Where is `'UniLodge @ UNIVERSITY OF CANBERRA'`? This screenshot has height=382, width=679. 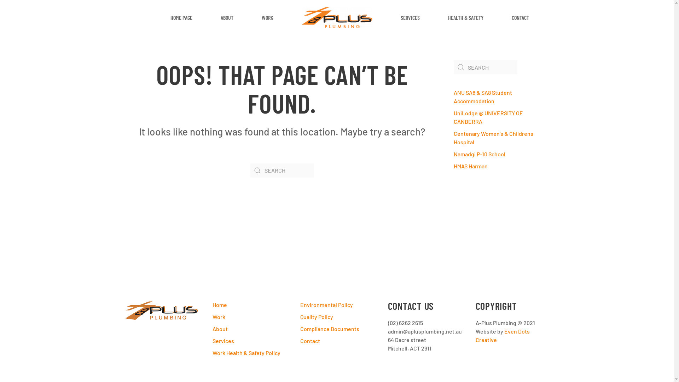
'UniLodge @ UNIVERSITY OF CANBERRA' is located at coordinates (487, 117).